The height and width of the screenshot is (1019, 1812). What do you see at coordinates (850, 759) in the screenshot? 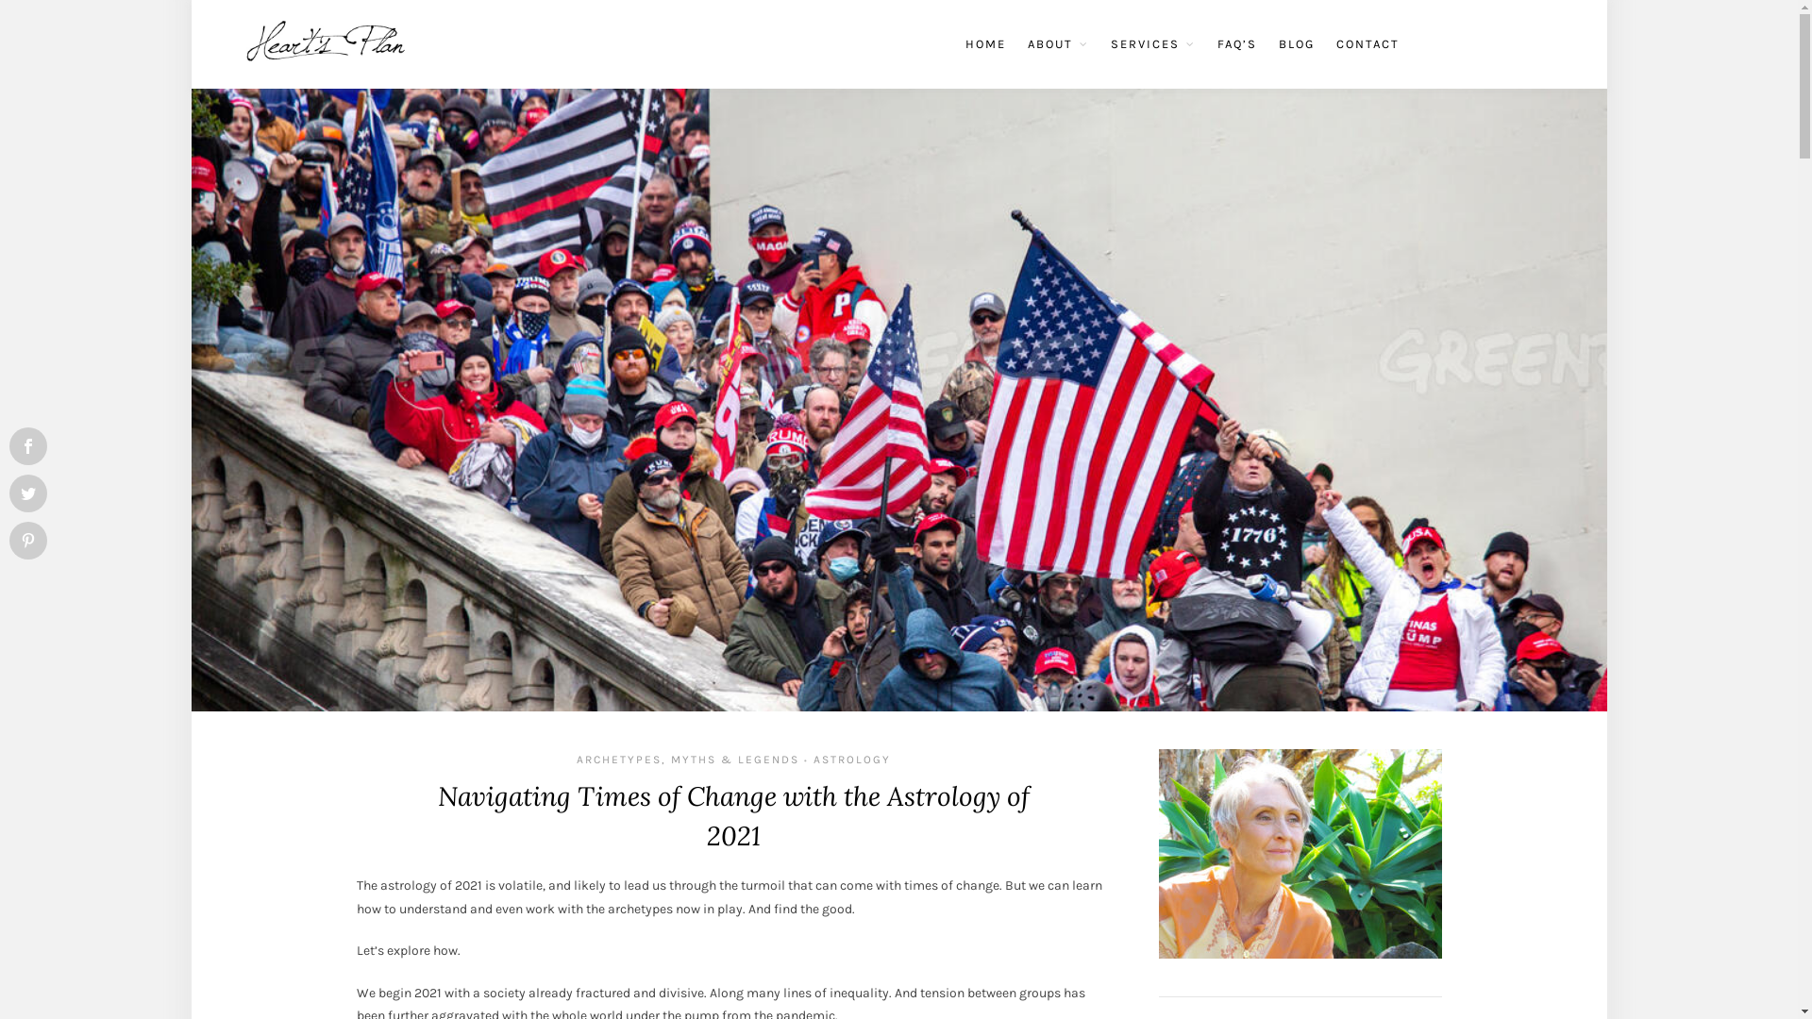
I see `'ASTROLOGY'` at bounding box center [850, 759].